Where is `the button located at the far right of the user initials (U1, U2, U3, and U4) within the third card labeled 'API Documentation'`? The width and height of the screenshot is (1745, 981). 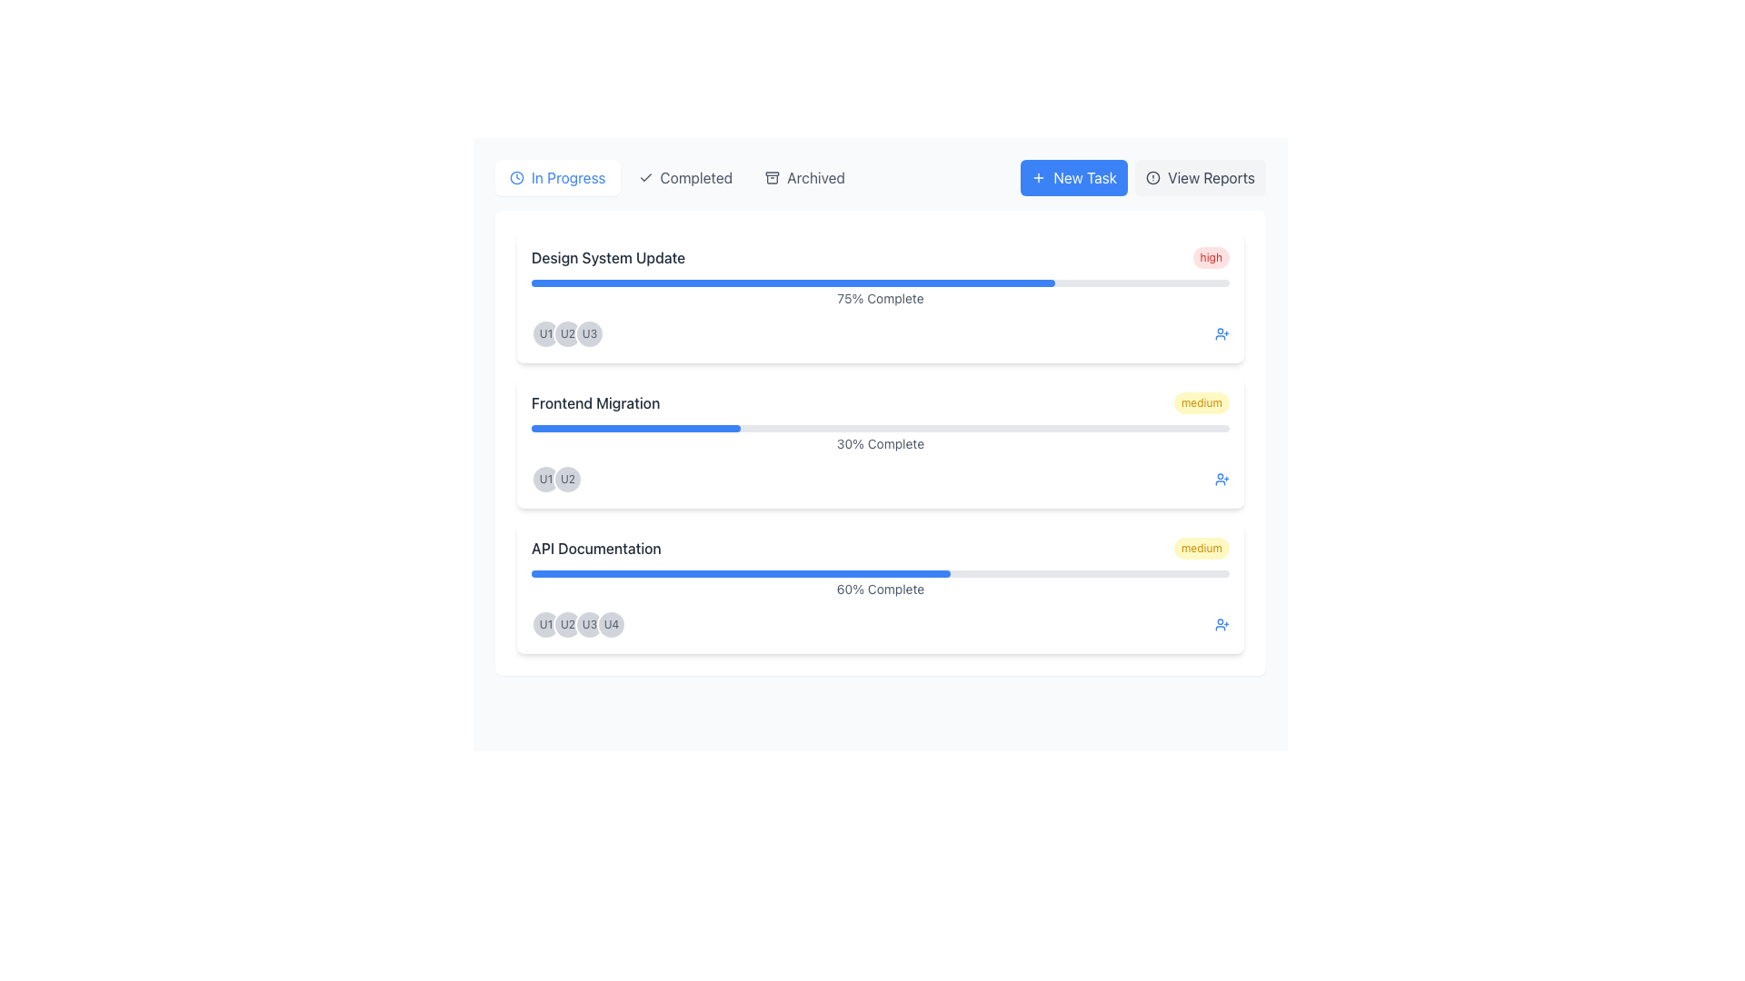 the button located at the far right of the user initials (U1, U2, U3, and U4) within the third card labeled 'API Documentation' is located at coordinates (1221, 623).